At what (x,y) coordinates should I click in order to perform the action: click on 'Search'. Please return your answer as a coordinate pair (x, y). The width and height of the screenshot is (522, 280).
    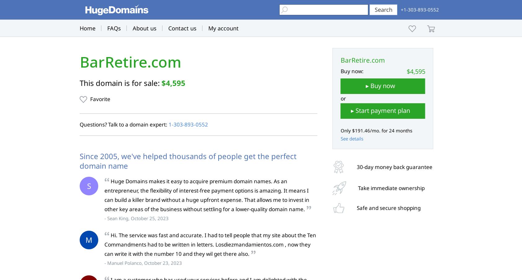
    Looking at the image, I should click on (374, 9).